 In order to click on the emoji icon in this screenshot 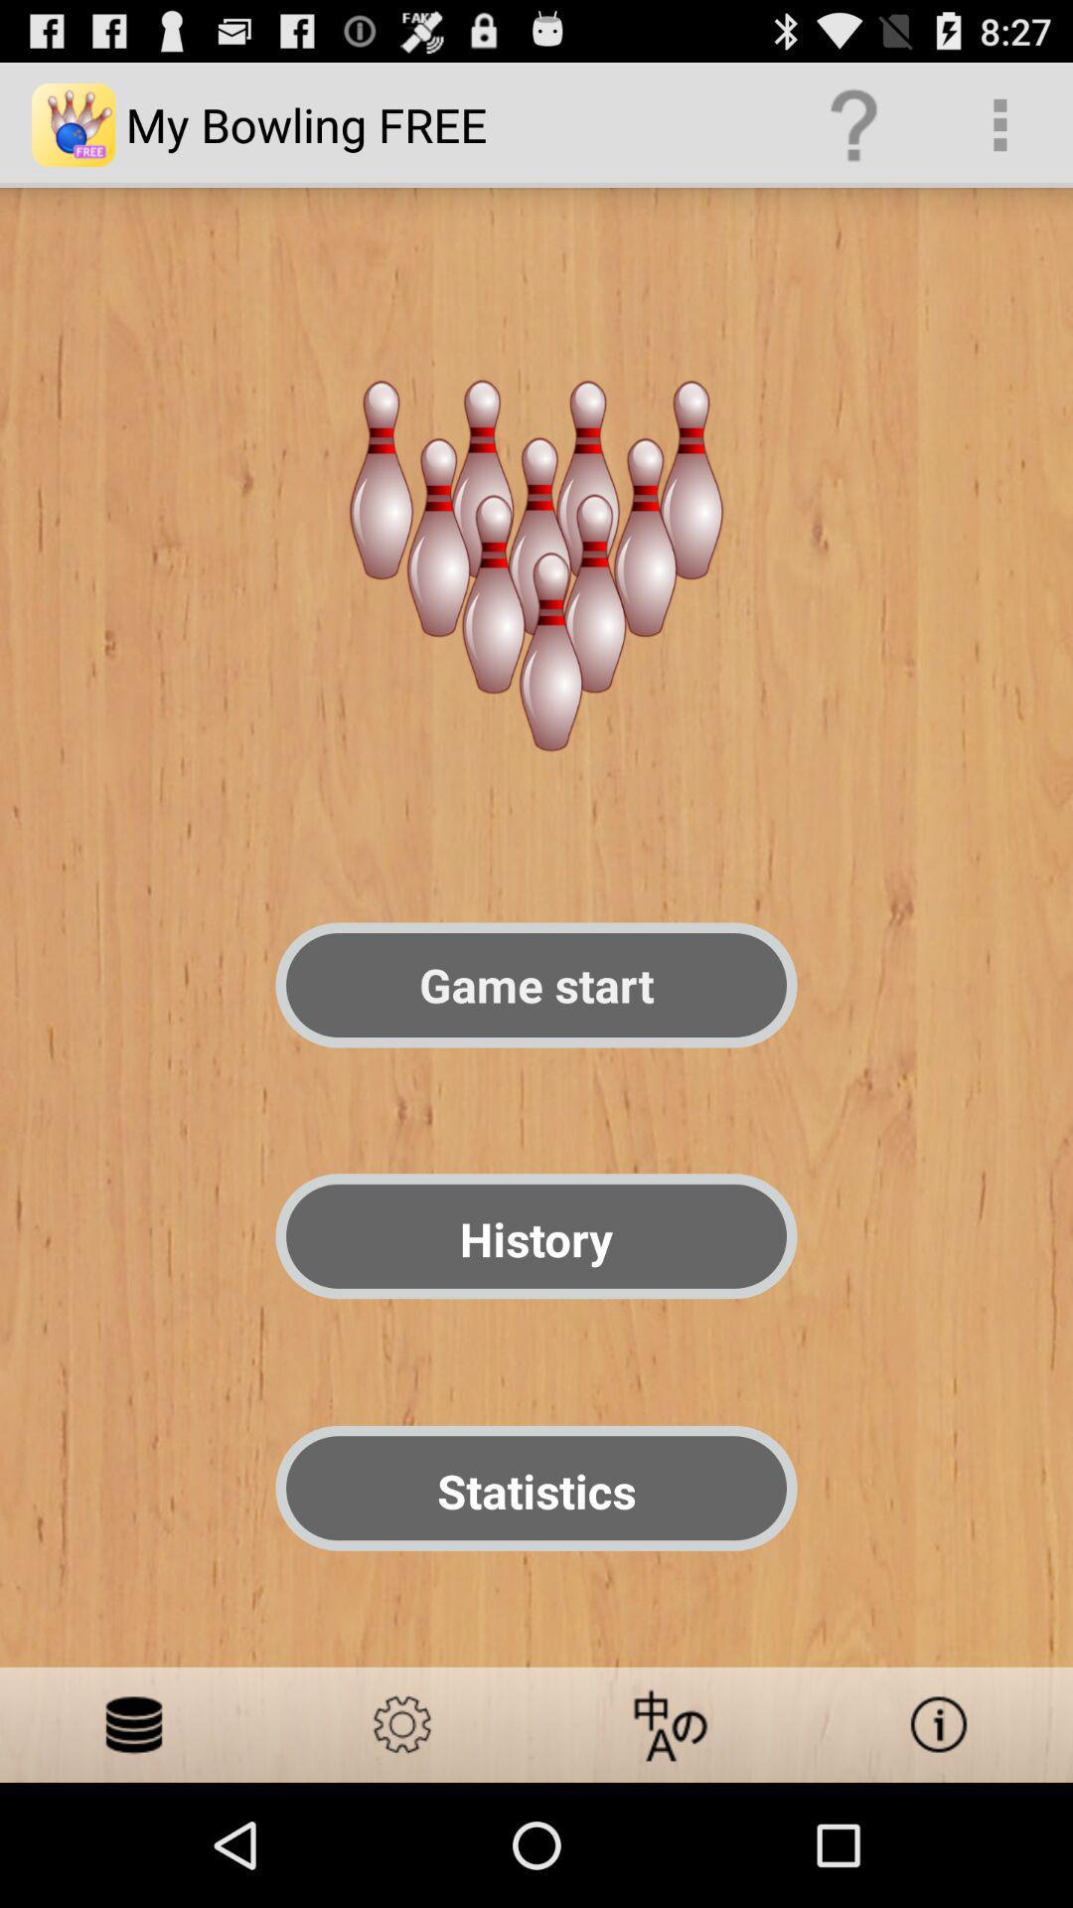, I will do `click(134, 1844)`.